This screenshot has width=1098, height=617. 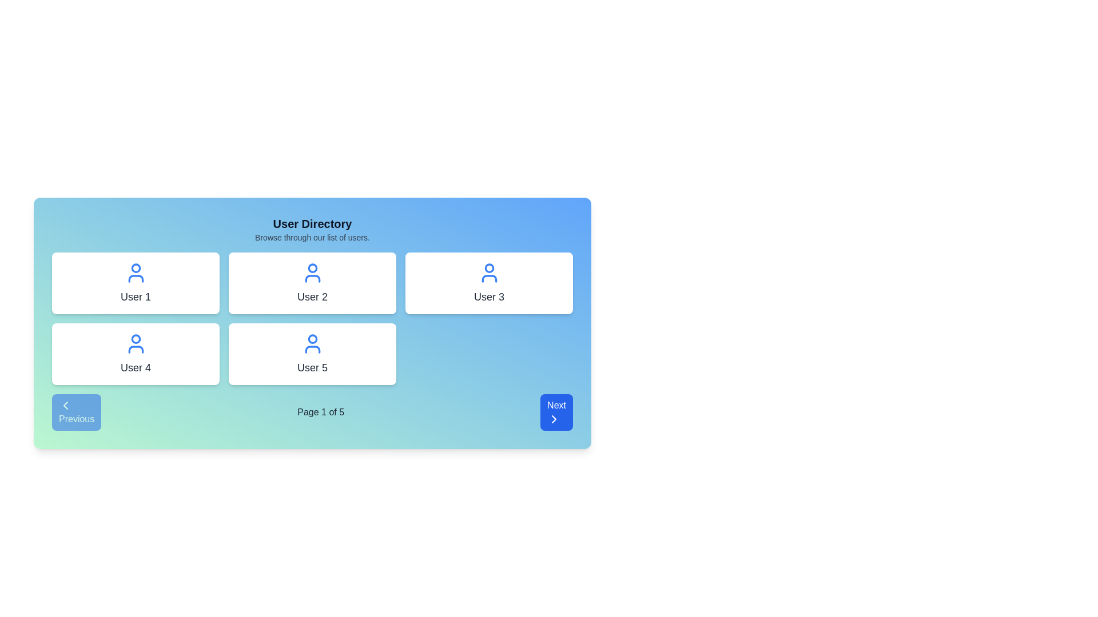 What do you see at coordinates (136, 338) in the screenshot?
I see `the blue outlined circular component of the User 4 icon located in the bottom-left quadrant of the user directory grid` at bounding box center [136, 338].